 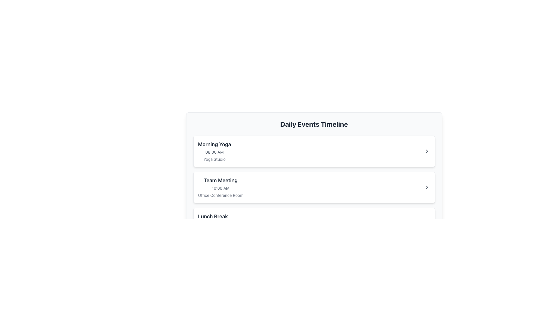 What do you see at coordinates (212, 223) in the screenshot?
I see `details of the event titled 'Lunch Break', which includes the time '12:00 PM' and location 'Main Cafeteria', located in the third row of the event listing layout` at bounding box center [212, 223].